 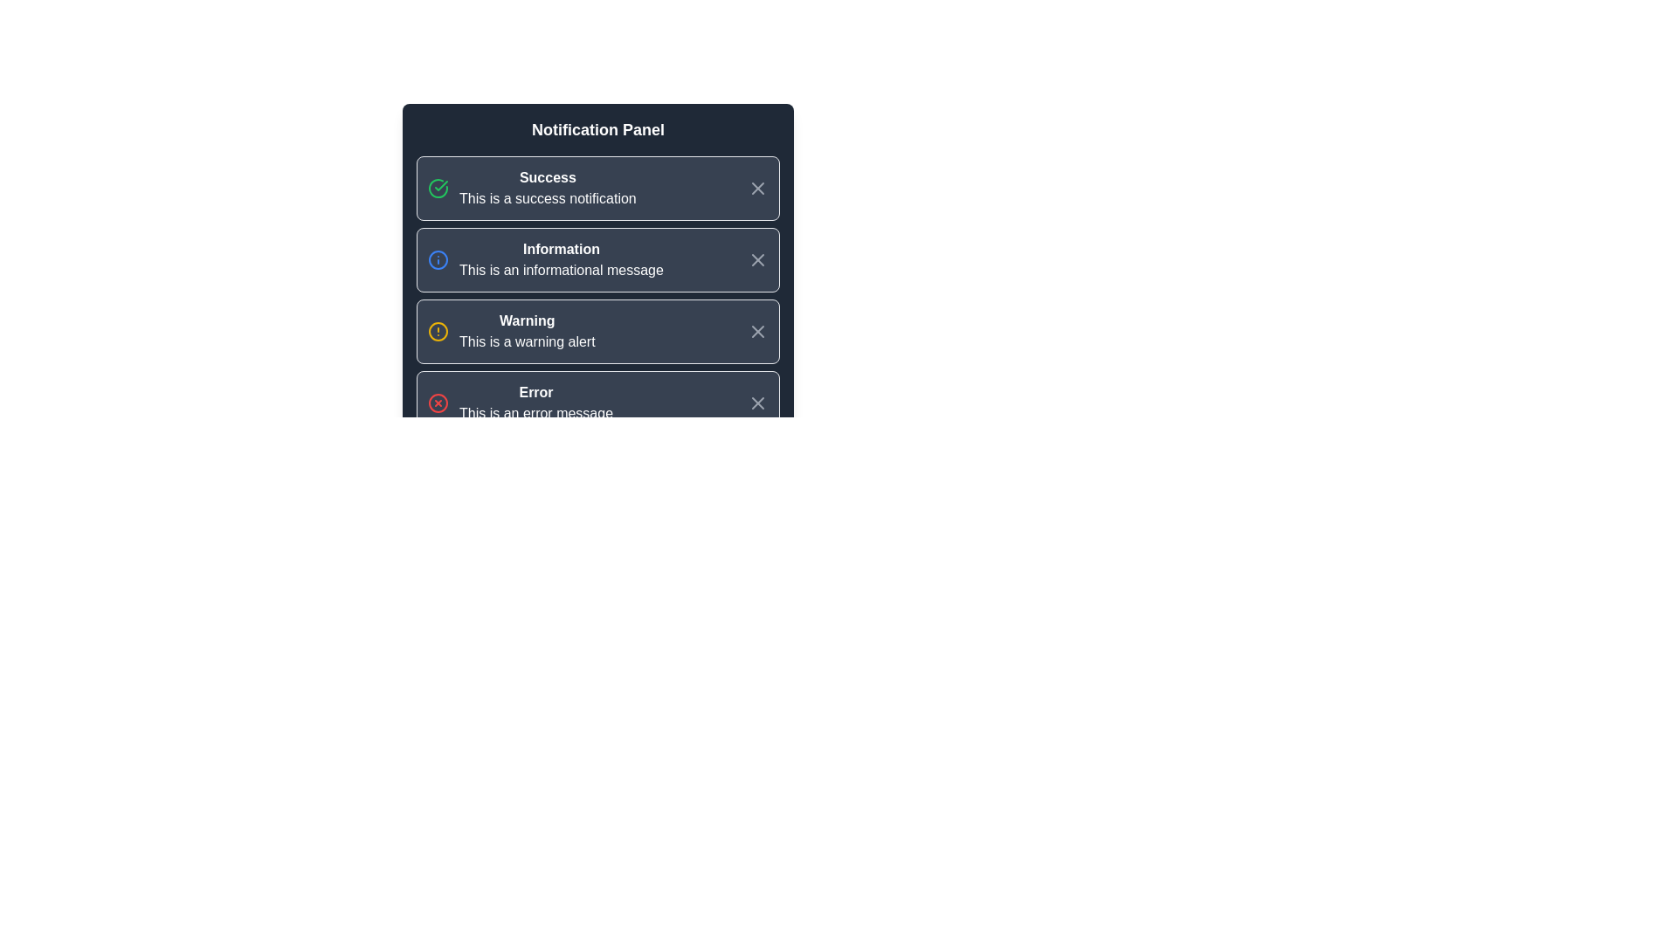 What do you see at coordinates (535, 393) in the screenshot?
I see `the Text label that serves as the title for the error notification in the fourth notification entry of the panel labeled 'Error This is an error message.'` at bounding box center [535, 393].